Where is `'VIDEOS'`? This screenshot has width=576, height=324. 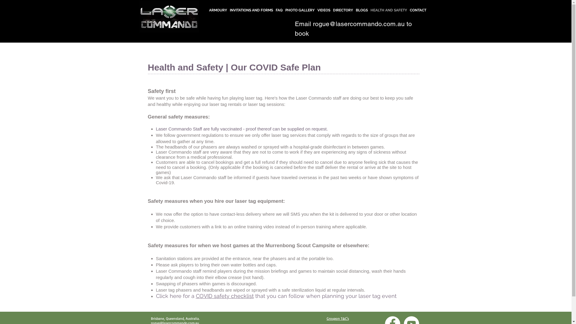
'VIDEOS' is located at coordinates (324, 10).